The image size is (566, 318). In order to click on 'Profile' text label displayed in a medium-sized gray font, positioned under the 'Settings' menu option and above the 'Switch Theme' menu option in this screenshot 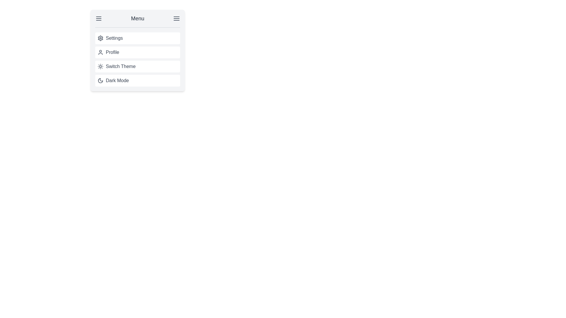, I will do `click(112, 52)`.